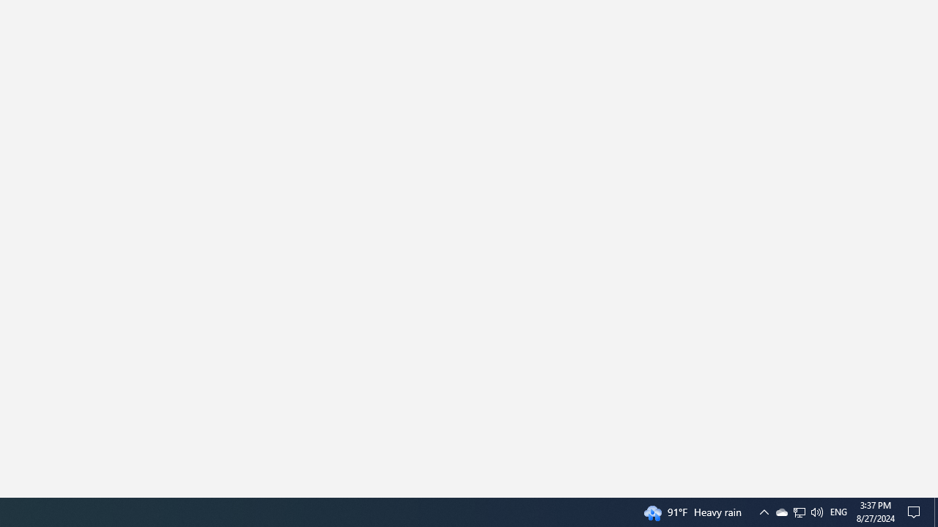 Image resolution: width=938 pixels, height=527 pixels. I want to click on 'Q2790: 100%', so click(838, 511).